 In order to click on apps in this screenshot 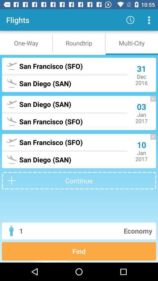, I will do `click(149, 20)`.